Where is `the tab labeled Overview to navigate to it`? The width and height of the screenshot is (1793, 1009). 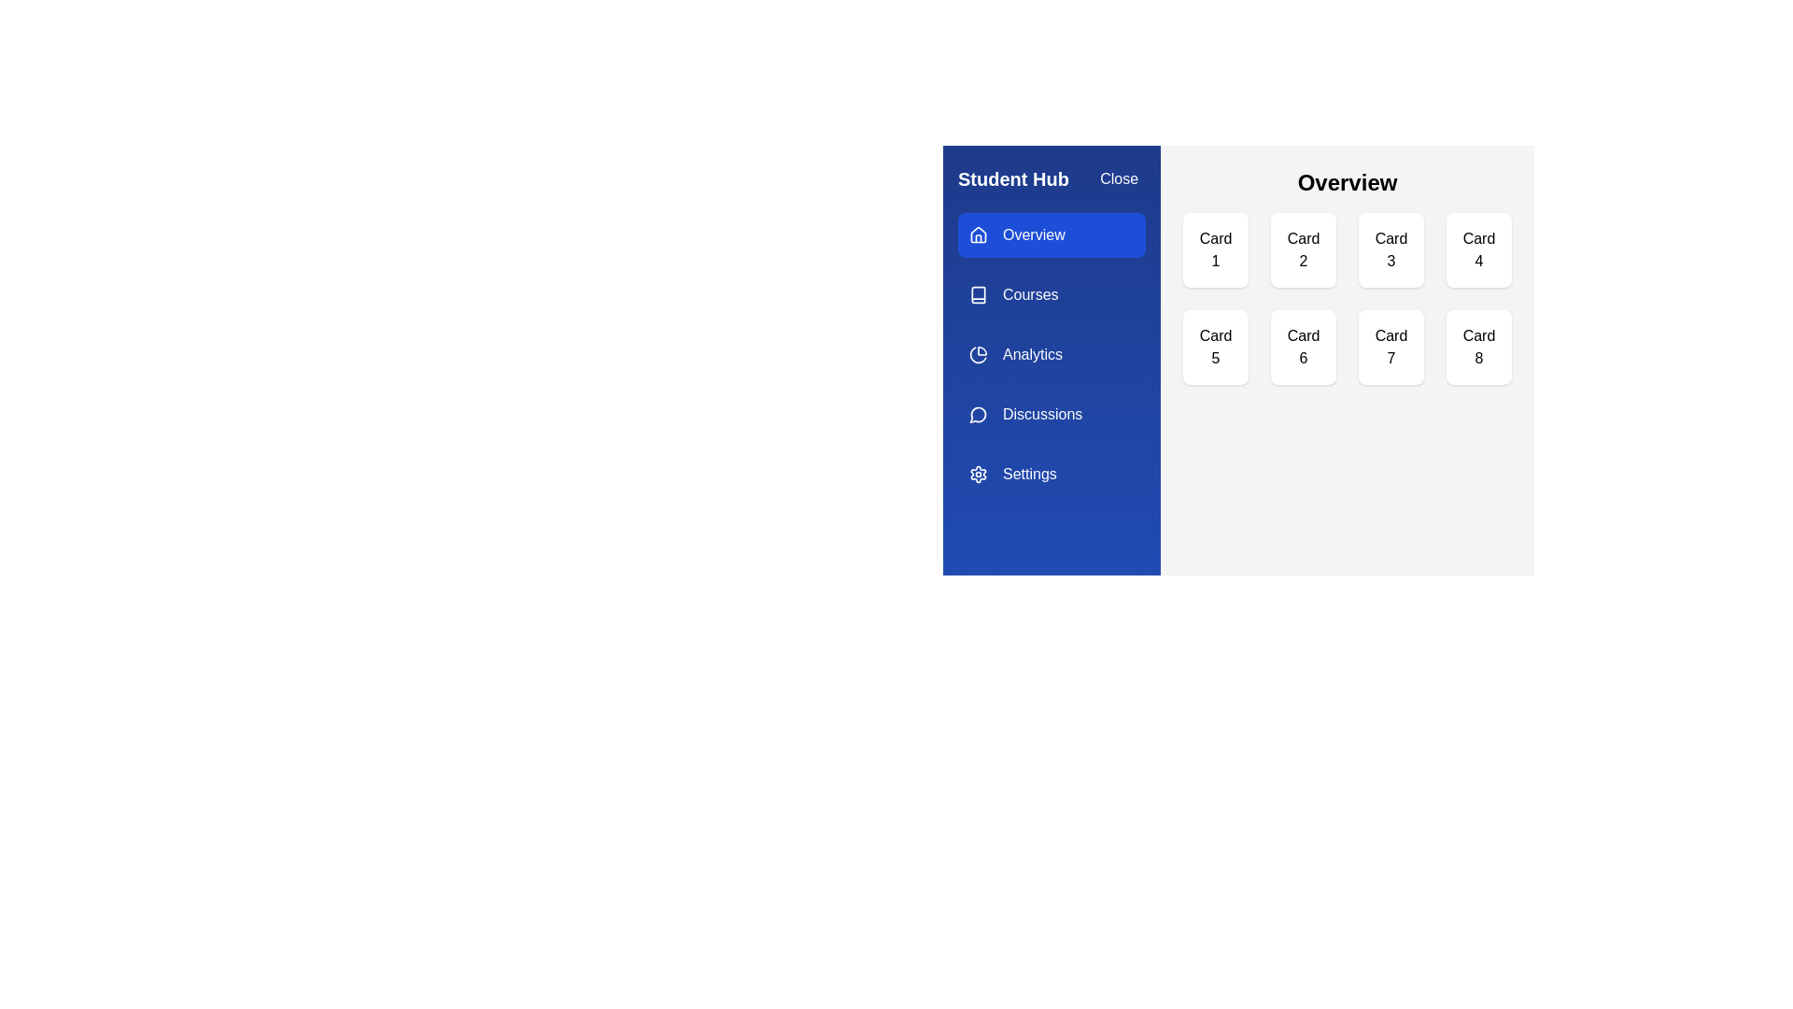
the tab labeled Overview to navigate to it is located at coordinates (1052, 234).